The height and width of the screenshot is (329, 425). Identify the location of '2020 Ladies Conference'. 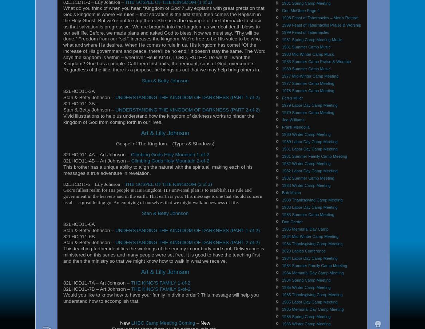
(303, 250).